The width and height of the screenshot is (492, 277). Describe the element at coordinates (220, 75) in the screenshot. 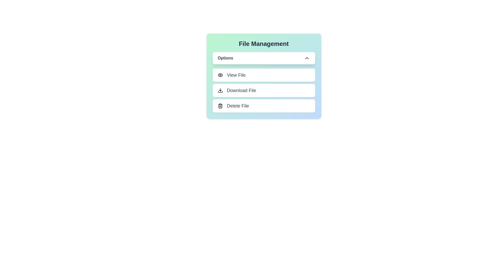

I see `the icon next to the menu option View File` at that location.